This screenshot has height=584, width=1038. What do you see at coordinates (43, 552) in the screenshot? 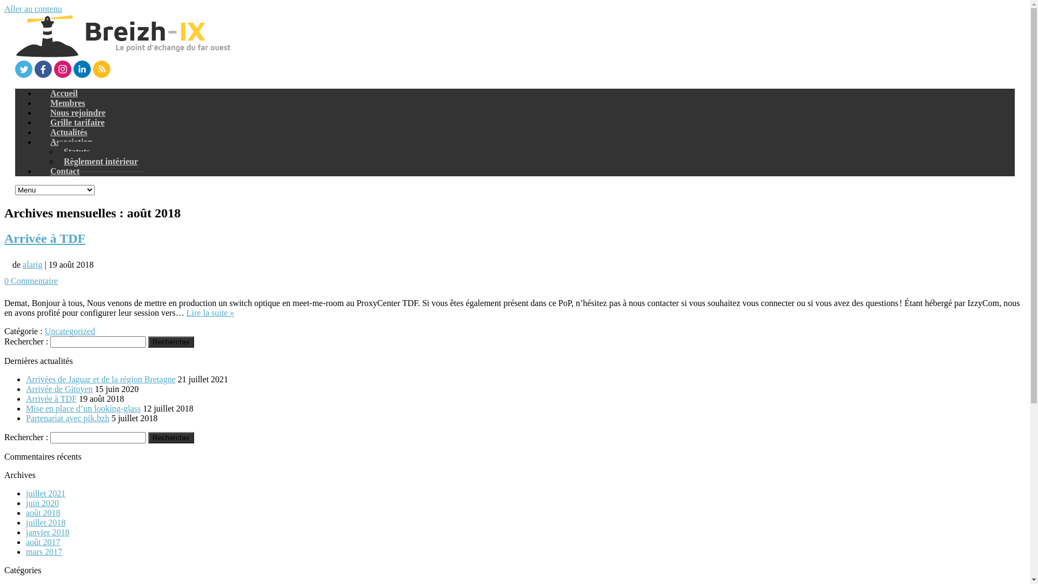
I see `'mars 2017'` at bounding box center [43, 552].